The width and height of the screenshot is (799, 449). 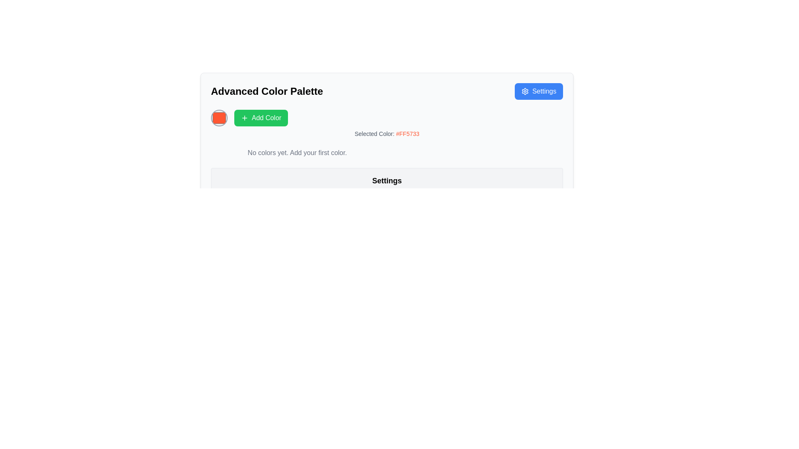 What do you see at coordinates (297, 153) in the screenshot?
I see `informational text that indicates no colors have been added yet, located beneath the green 'Add Color' button and the selected color code display` at bounding box center [297, 153].